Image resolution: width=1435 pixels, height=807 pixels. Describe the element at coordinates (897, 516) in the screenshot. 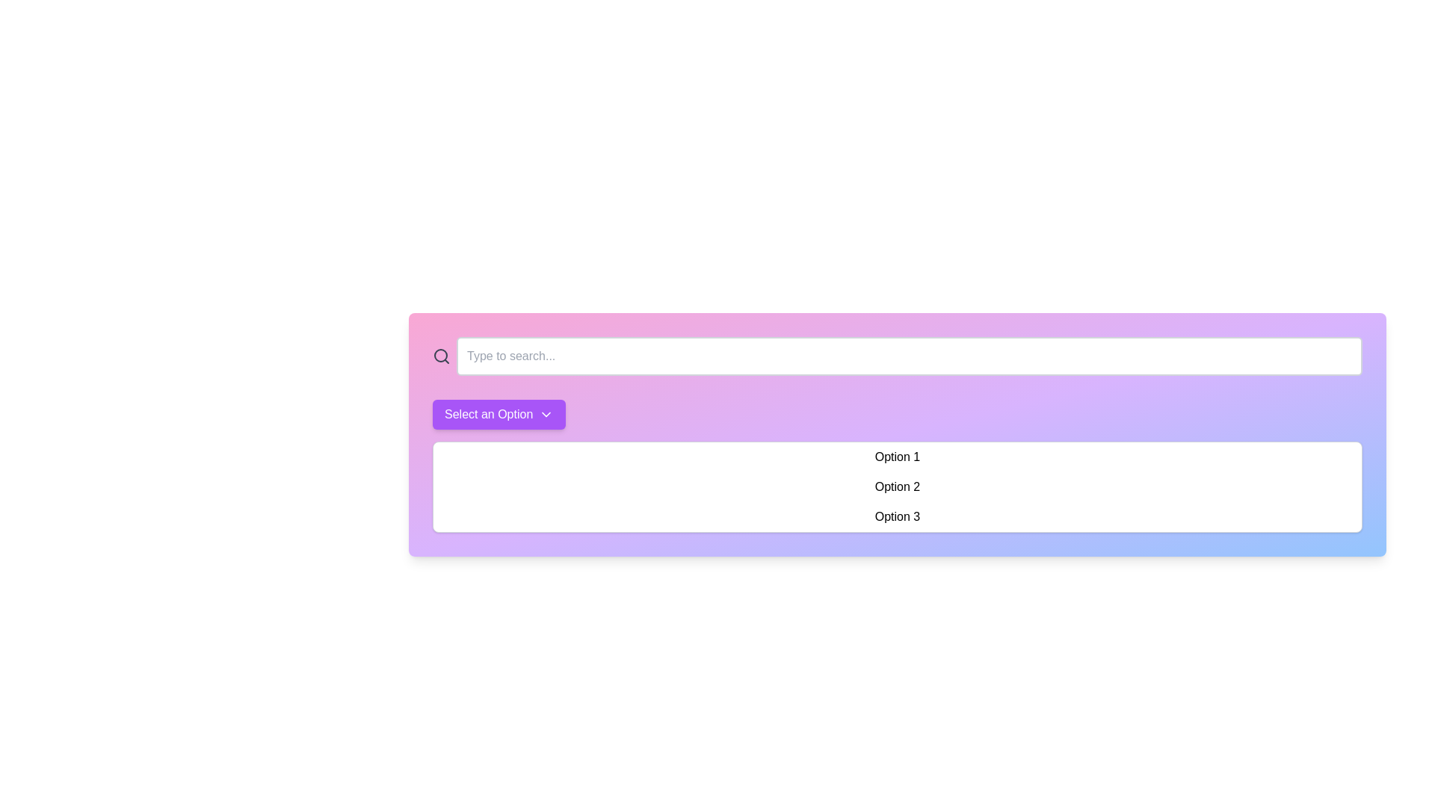

I see `the 'Option 3' list item located at the bottom of the dropdown` at that location.